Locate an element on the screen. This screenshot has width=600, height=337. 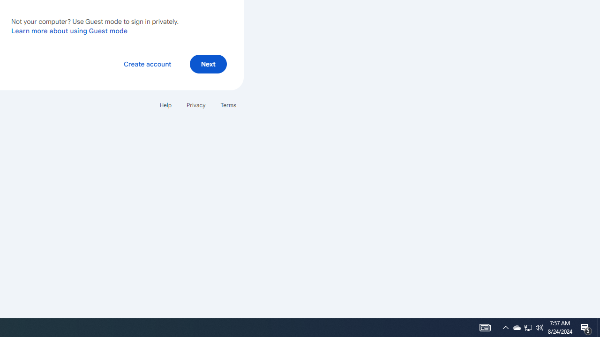
'Terms' is located at coordinates (228, 105).